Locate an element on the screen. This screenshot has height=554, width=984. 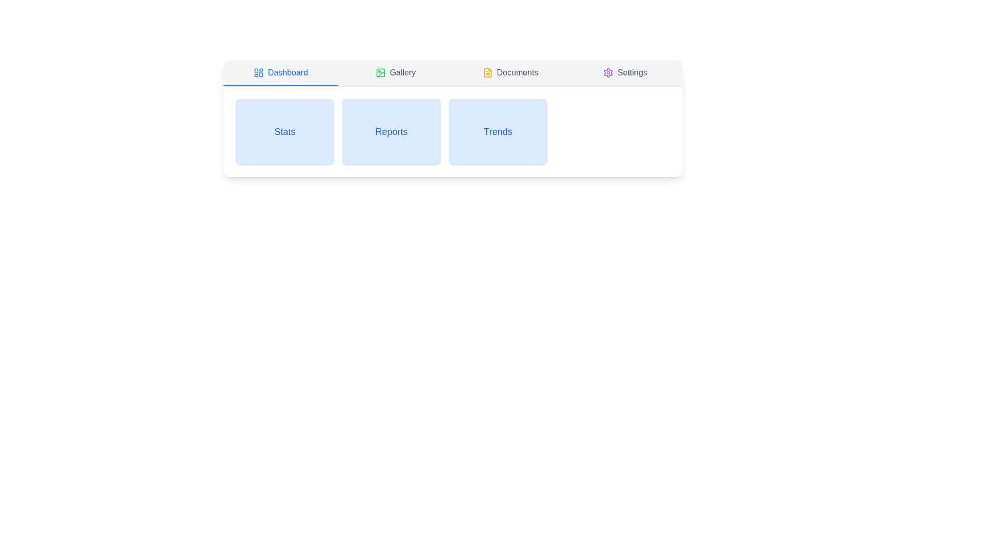
the blue-colored text label displaying 'Dashboard' in the navigation bar is located at coordinates (287, 72).